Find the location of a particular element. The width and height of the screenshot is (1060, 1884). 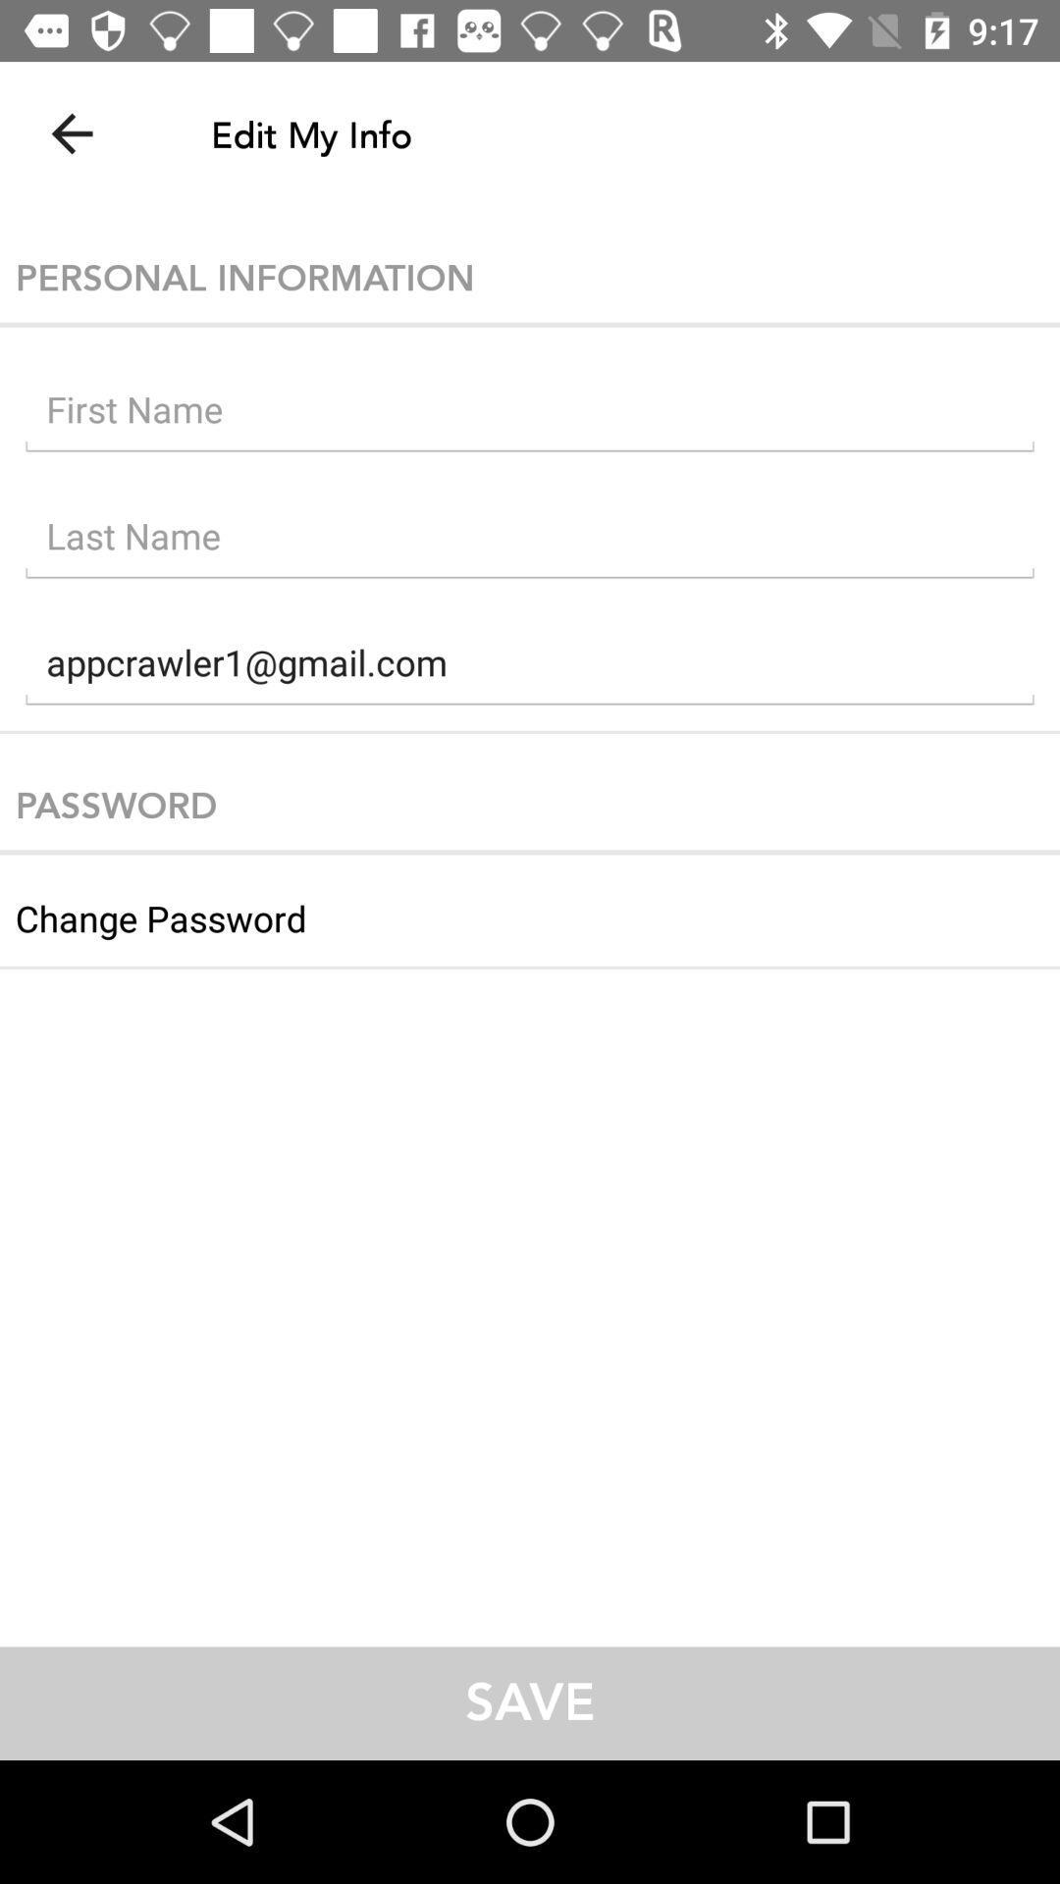

change password item is located at coordinates (530, 910).